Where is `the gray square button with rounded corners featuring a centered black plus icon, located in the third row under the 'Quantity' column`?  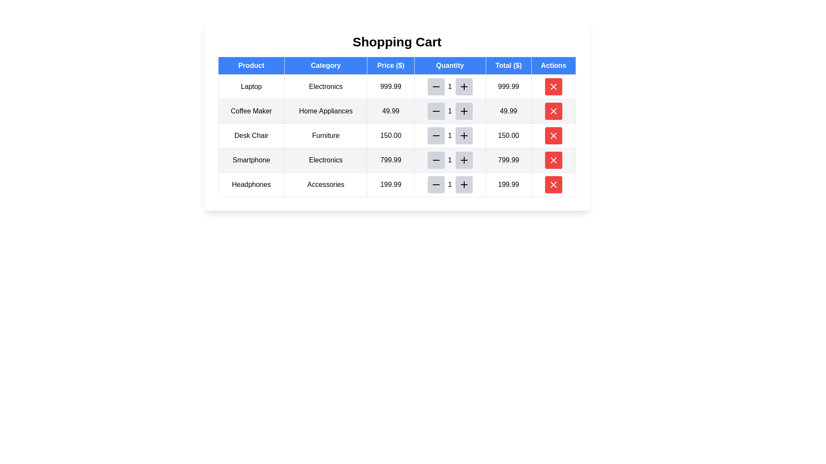 the gray square button with rounded corners featuring a centered black plus icon, located in the third row under the 'Quantity' column is located at coordinates (463, 135).